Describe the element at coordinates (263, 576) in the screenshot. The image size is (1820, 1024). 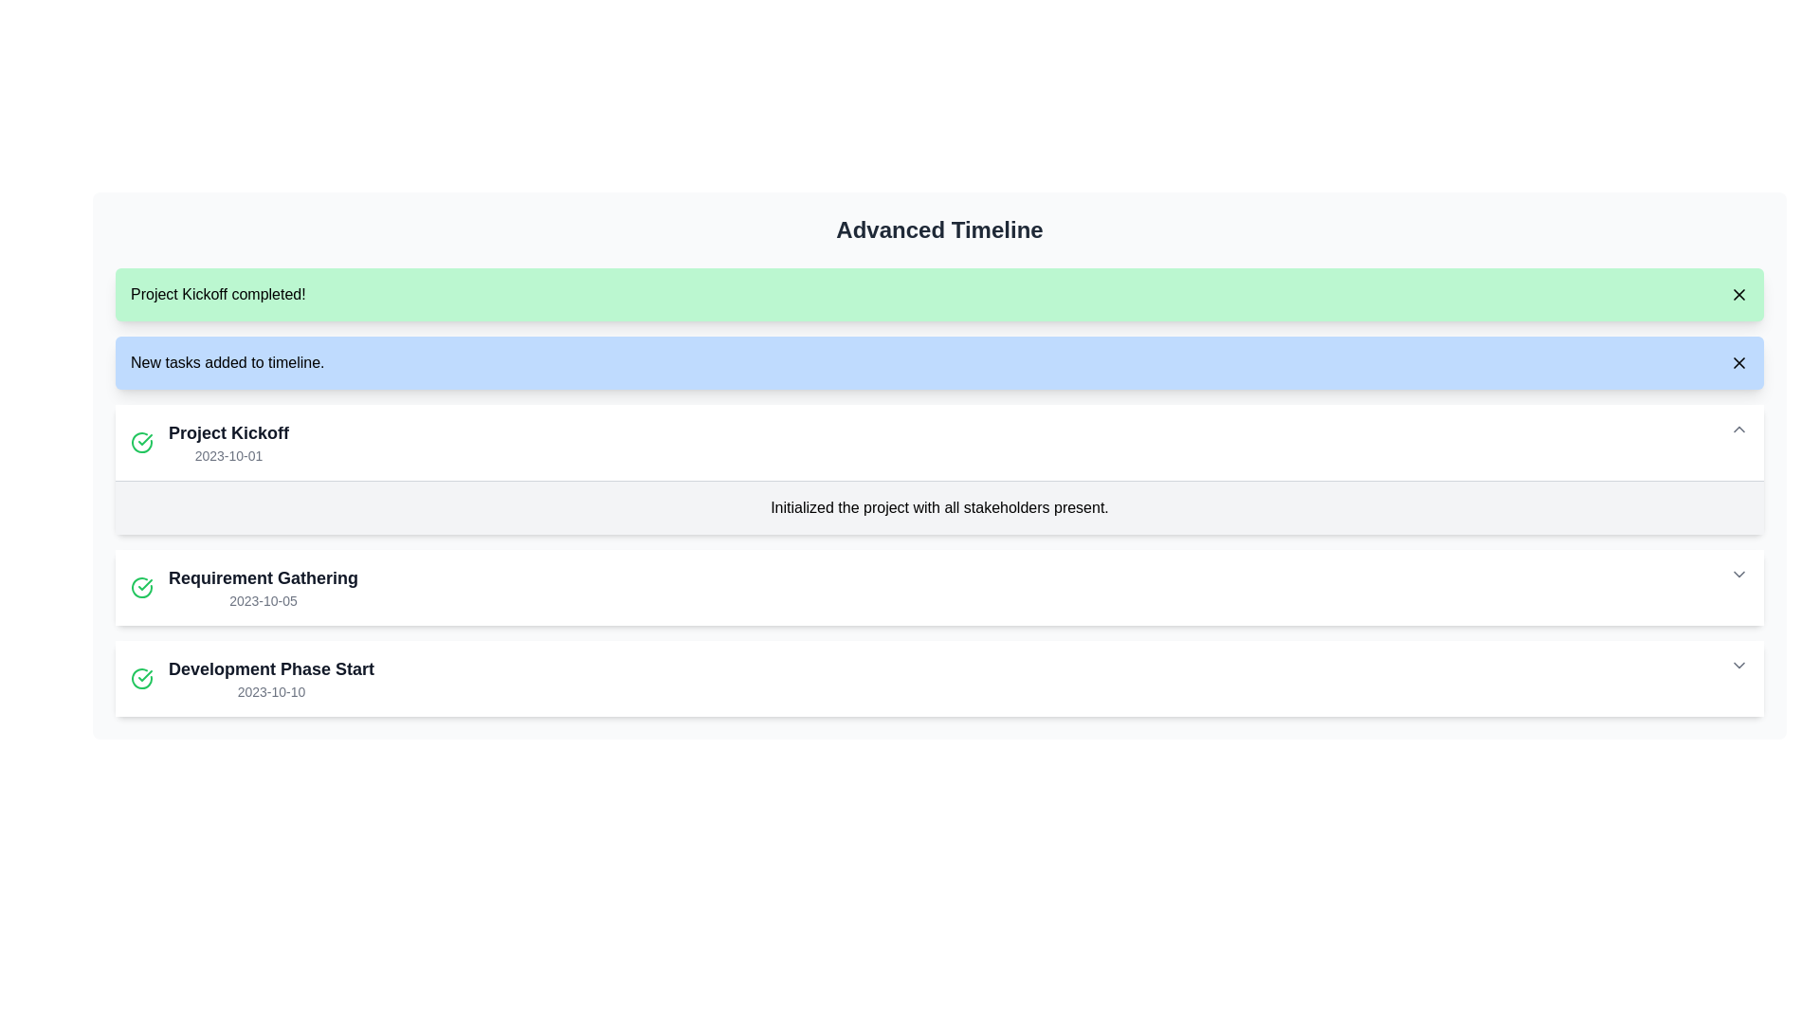
I see `the text label 'Requirement Gathering', which is styled in bold, large black font and is located in the second timeline entry, above the date '2023-10-05'` at that location.